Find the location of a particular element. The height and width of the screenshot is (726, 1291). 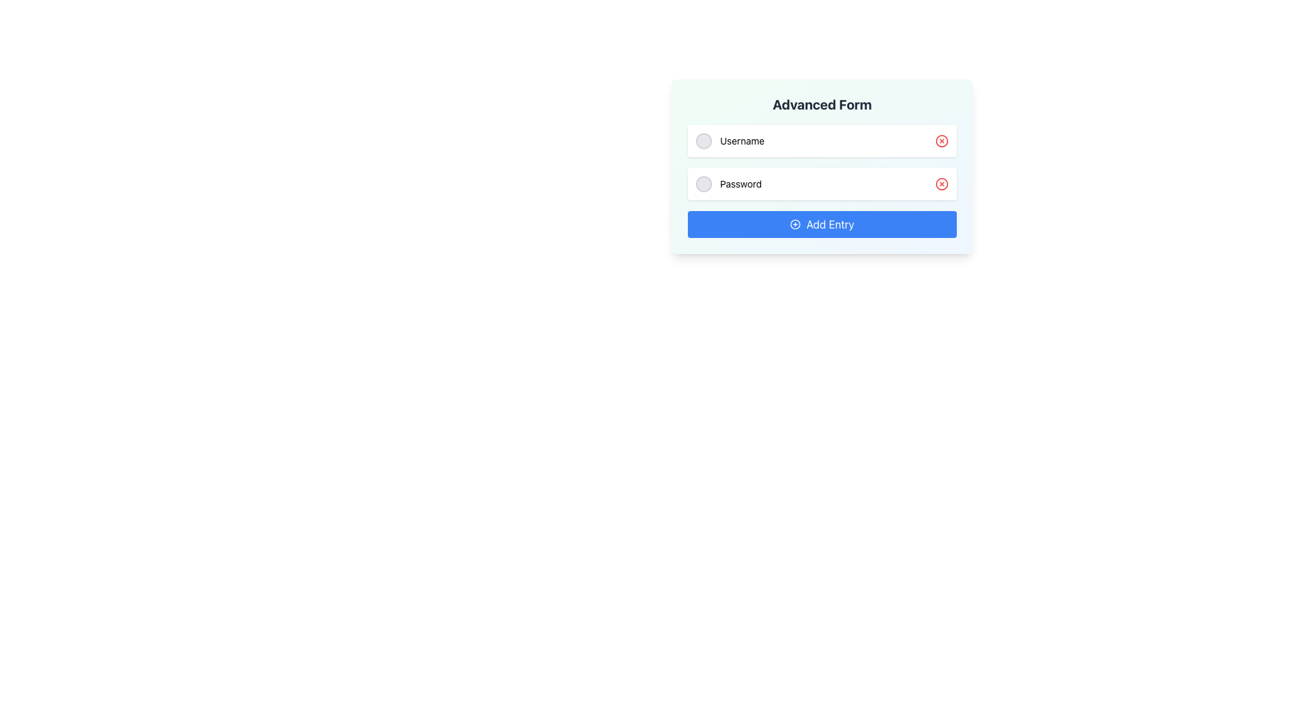

'Password' label with an adjacent circular icon, which is the second item in the form layout below the 'Username' field is located at coordinates (728, 184).